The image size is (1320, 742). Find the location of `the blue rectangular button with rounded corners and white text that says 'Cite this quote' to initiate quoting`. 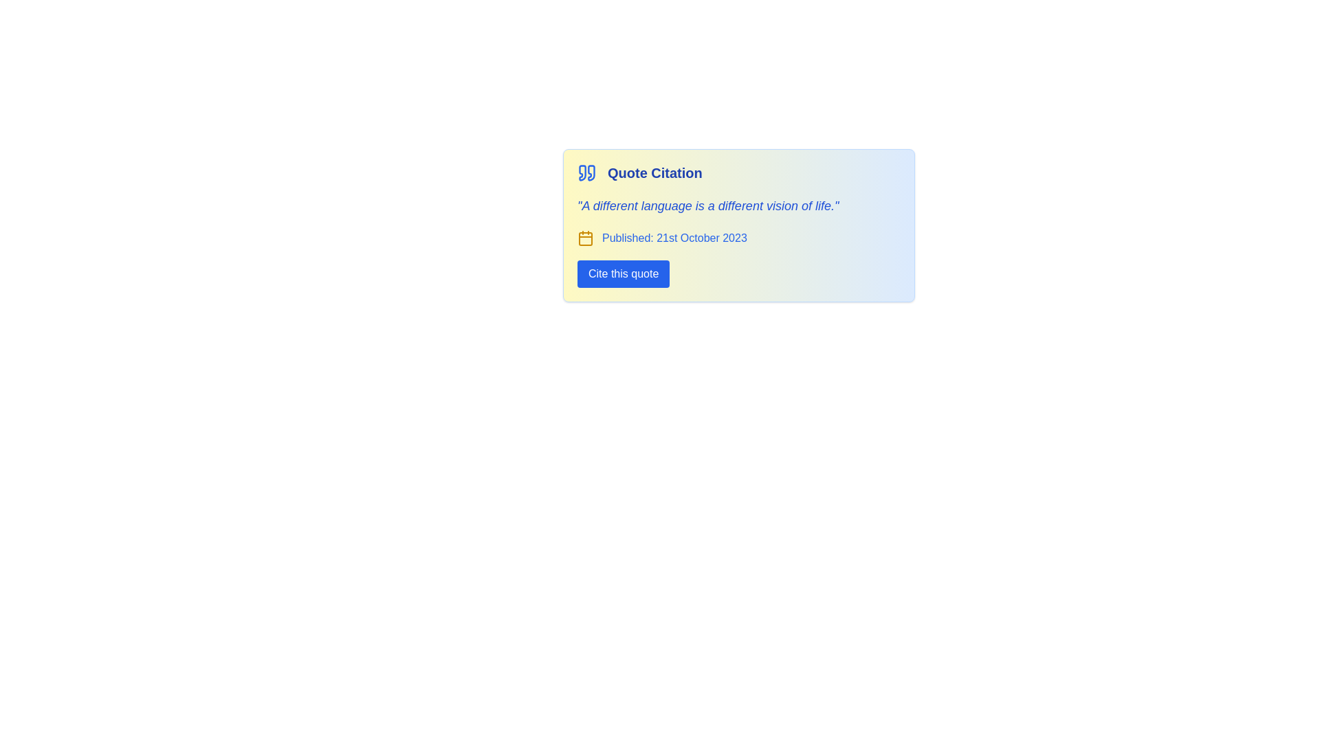

the blue rectangular button with rounded corners and white text that says 'Cite this quote' to initiate quoting is located at coordinates (623, 274).